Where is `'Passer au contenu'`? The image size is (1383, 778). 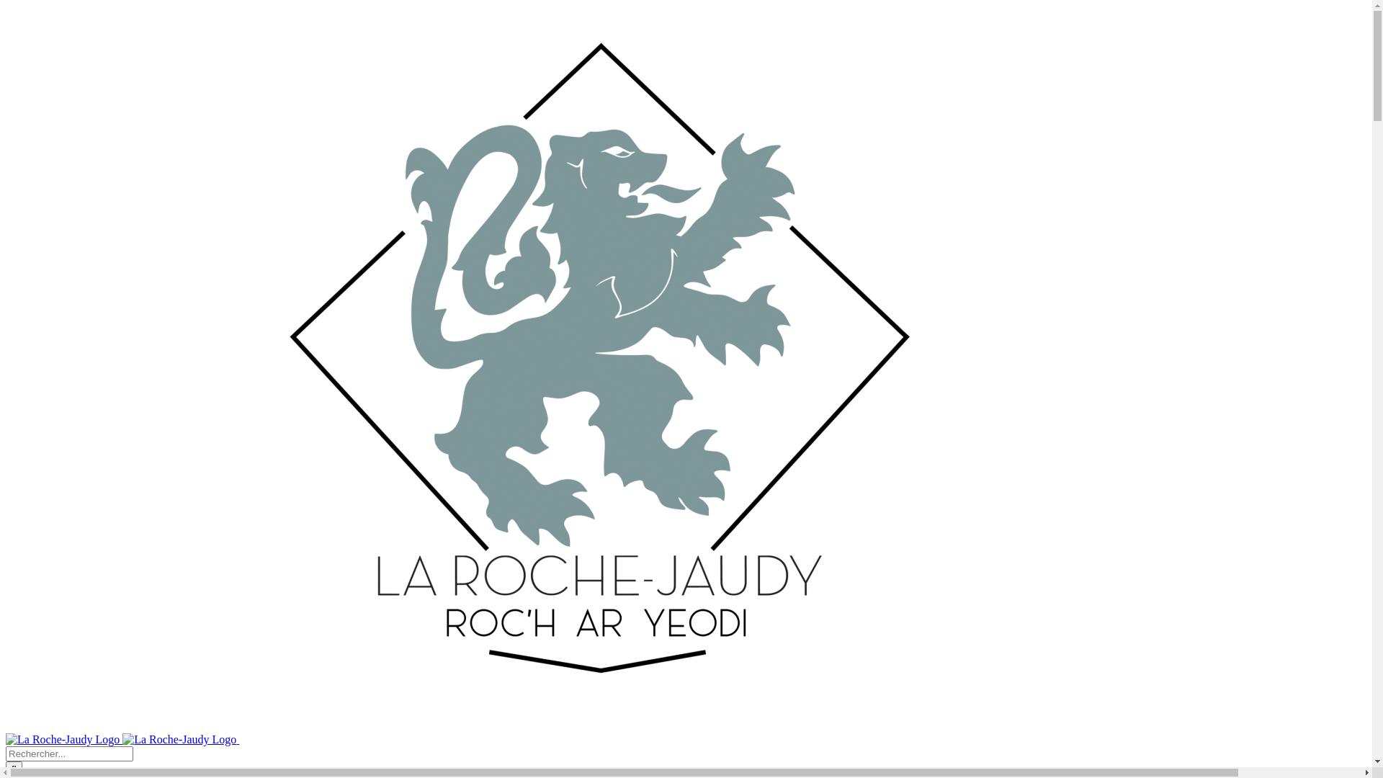 'Passer au contenu' is located at coordinates (5, 5).